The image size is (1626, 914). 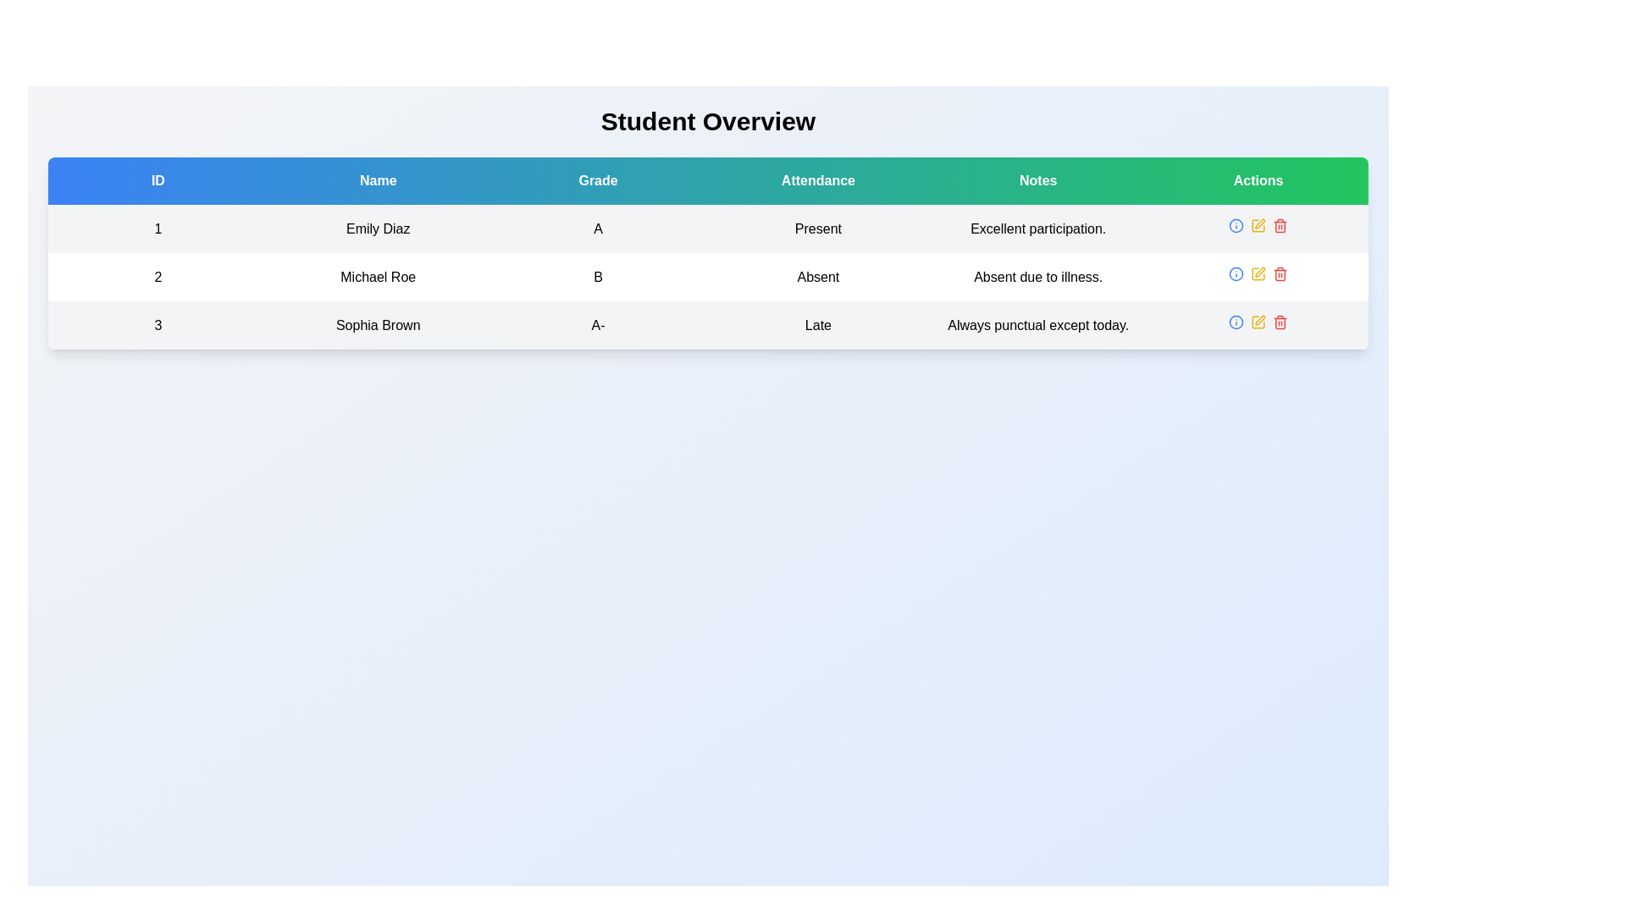 What do you see at coordinates (1280, 323) in the screenshot?
I see `the trash can icon in the Actions column of the table row for the student 'Sophia Brown'` at bounding box center [1280, 323].